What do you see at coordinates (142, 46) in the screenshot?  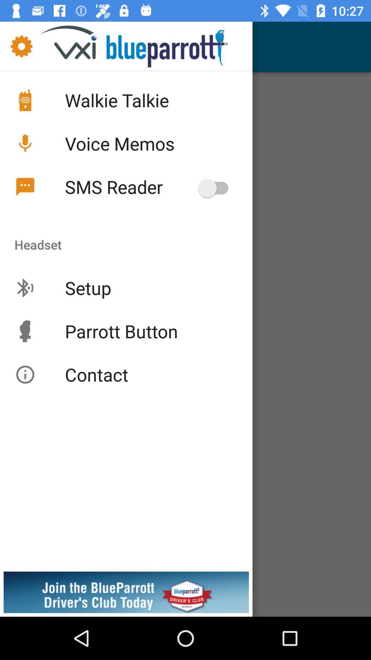 I see `the text below notification bar` at bounding box center [142, 46].